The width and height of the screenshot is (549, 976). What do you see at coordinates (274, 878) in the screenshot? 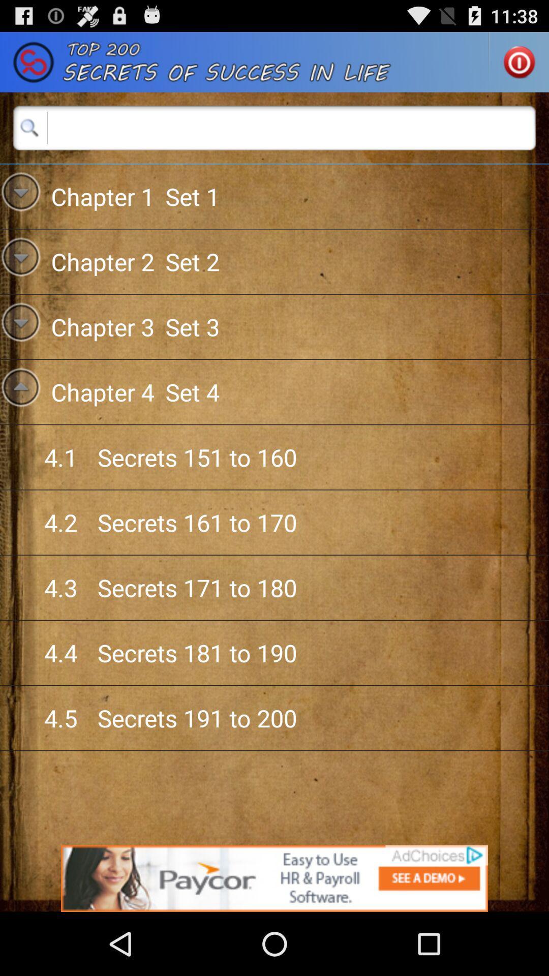
I see `advertisement` at bounding box center [274, 878].